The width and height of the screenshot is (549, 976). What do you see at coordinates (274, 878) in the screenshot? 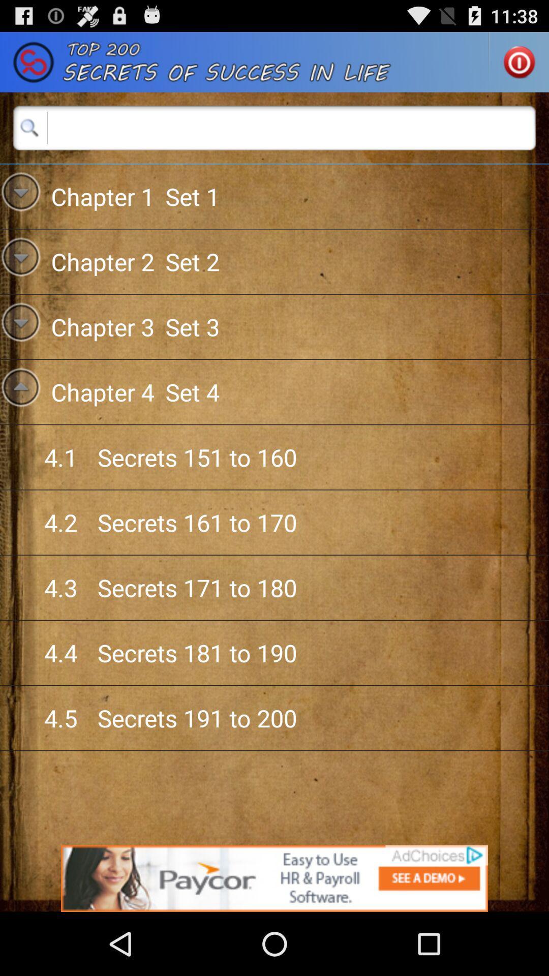
I see `advertisement` at bounding box center [274, 878].